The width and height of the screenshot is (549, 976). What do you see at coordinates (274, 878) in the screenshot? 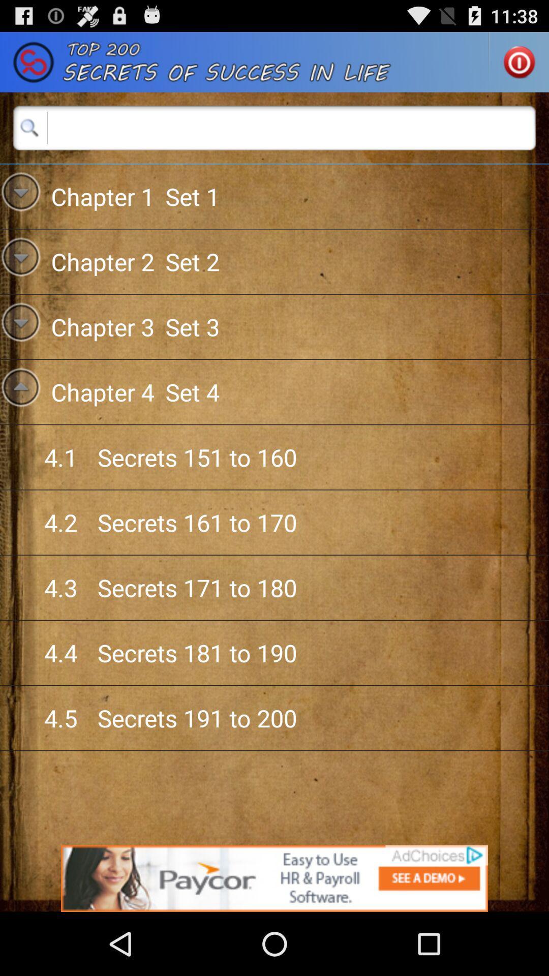
I see `advertisement` at bounding box center [274, 878].